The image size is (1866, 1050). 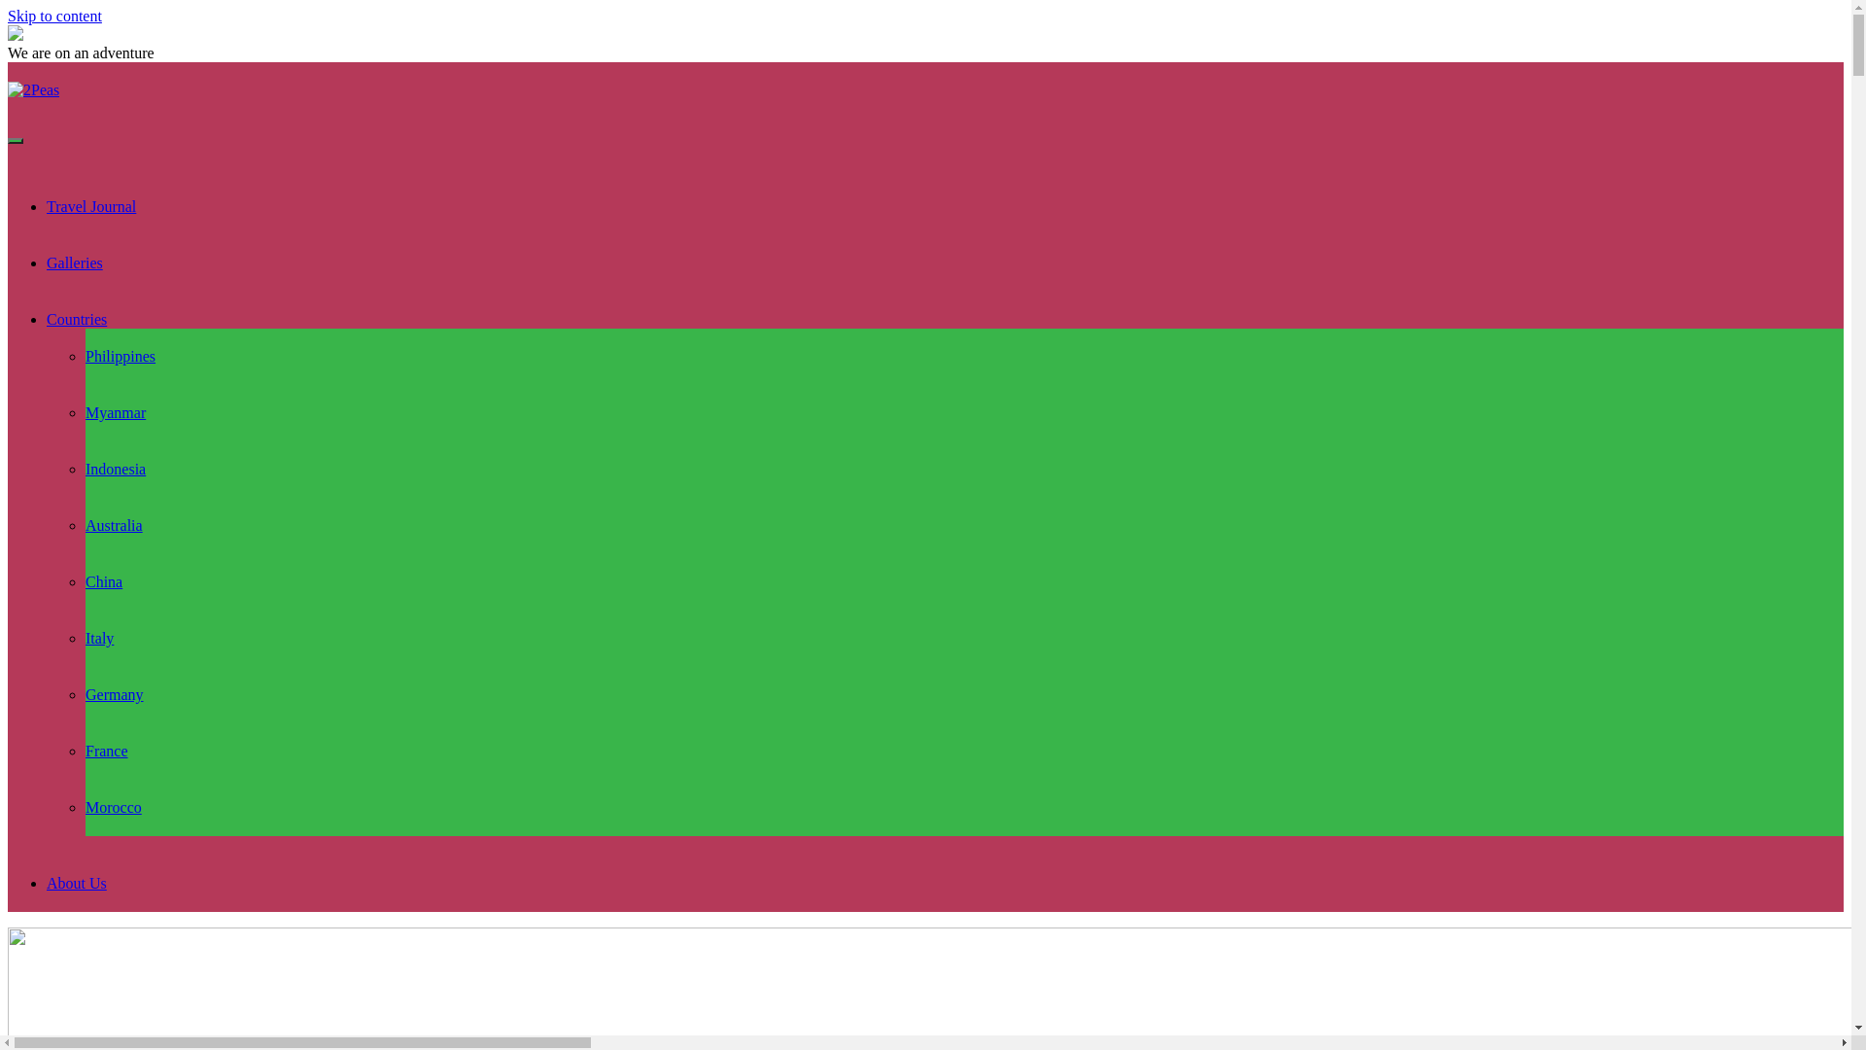 I want to click on 'Morocco', so click(x=112, y=807).